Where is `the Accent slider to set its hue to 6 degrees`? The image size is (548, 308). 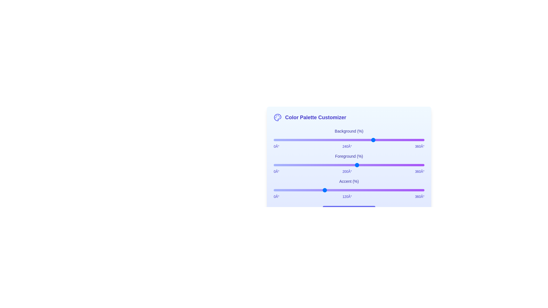 the Accent slider to set its hue to 6 degrees is located at coordinates (276, 190).